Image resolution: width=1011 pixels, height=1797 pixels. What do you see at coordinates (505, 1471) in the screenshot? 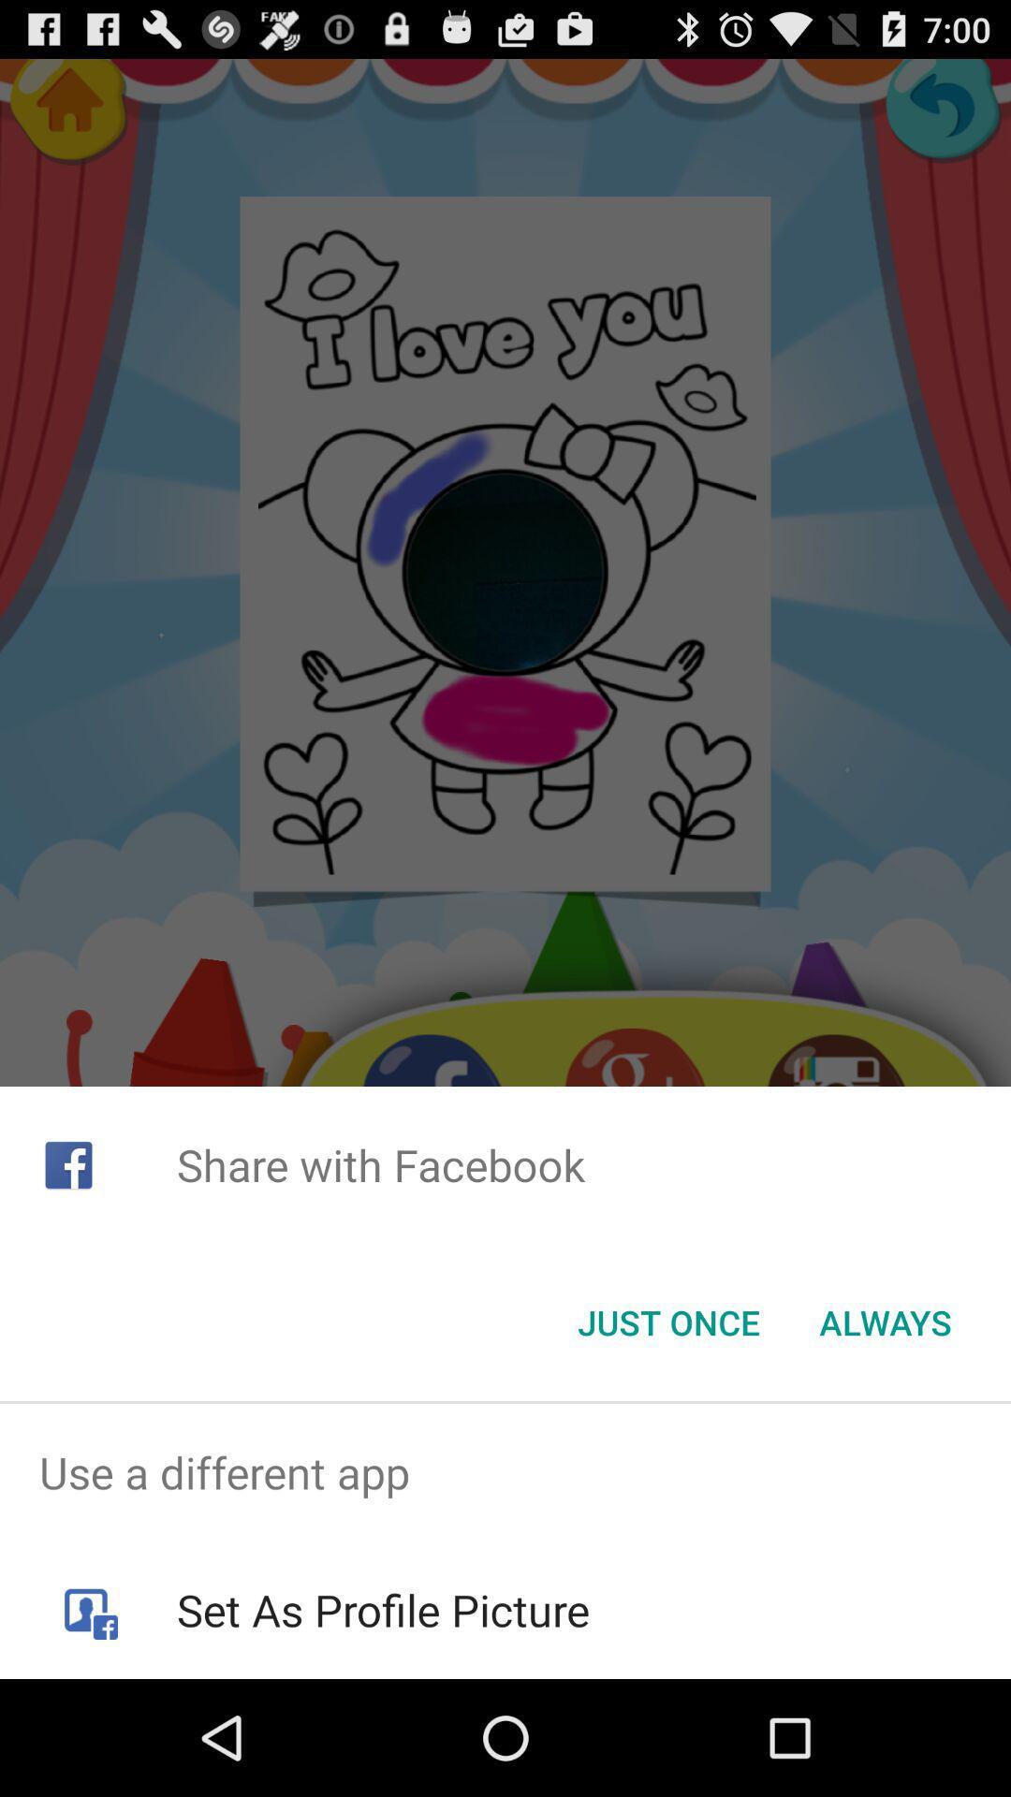
I see `the use a different` at bounding box center [505, 1471].